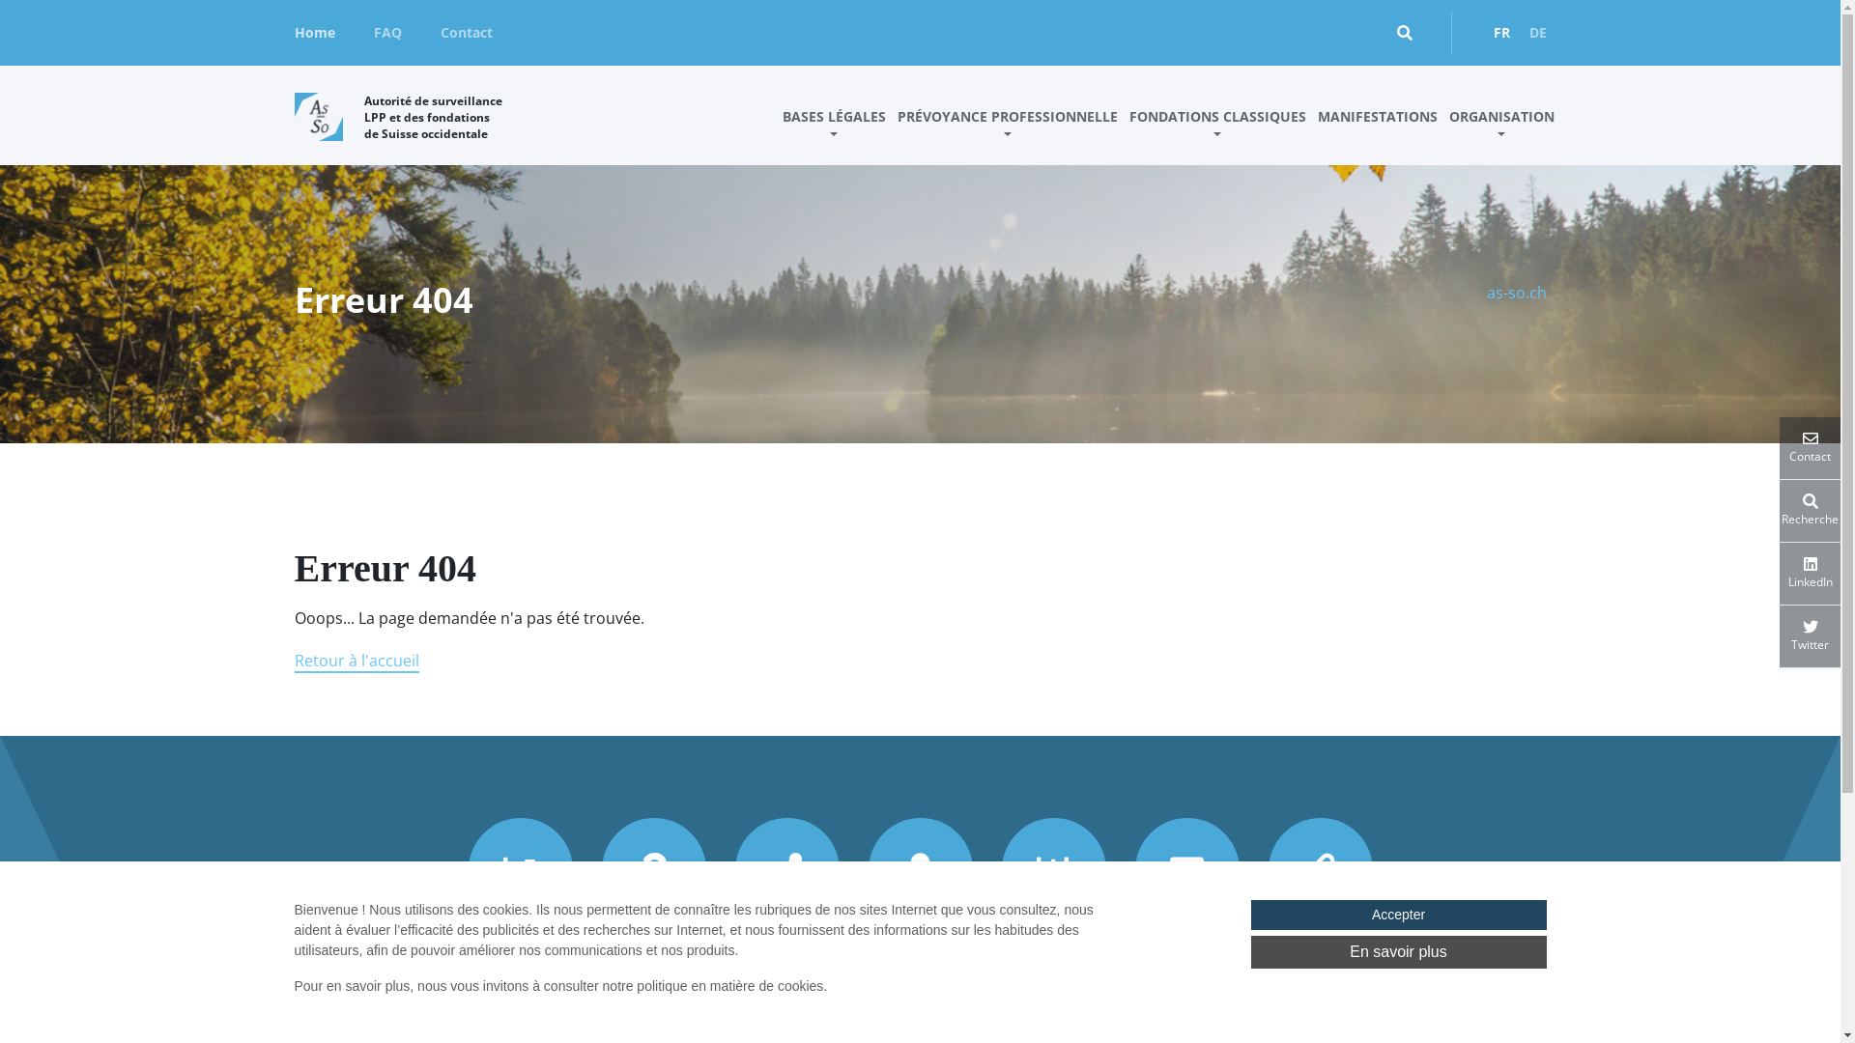  I want to click on 'MANIFESTATIONS', so click(1376, 132).